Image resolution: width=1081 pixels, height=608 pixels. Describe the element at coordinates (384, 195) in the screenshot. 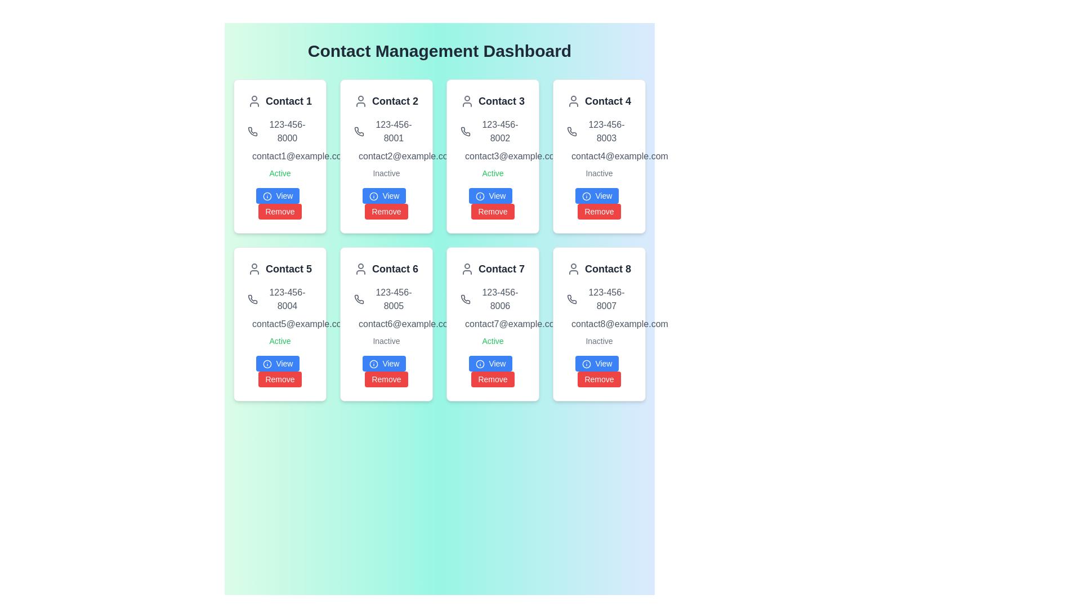

I see `the 'View' button located inside the card under the header 'Contact 2', positioned in the second column of the first row in the grid layout, which is the upper button in a vertical pair of buttons` at that location.